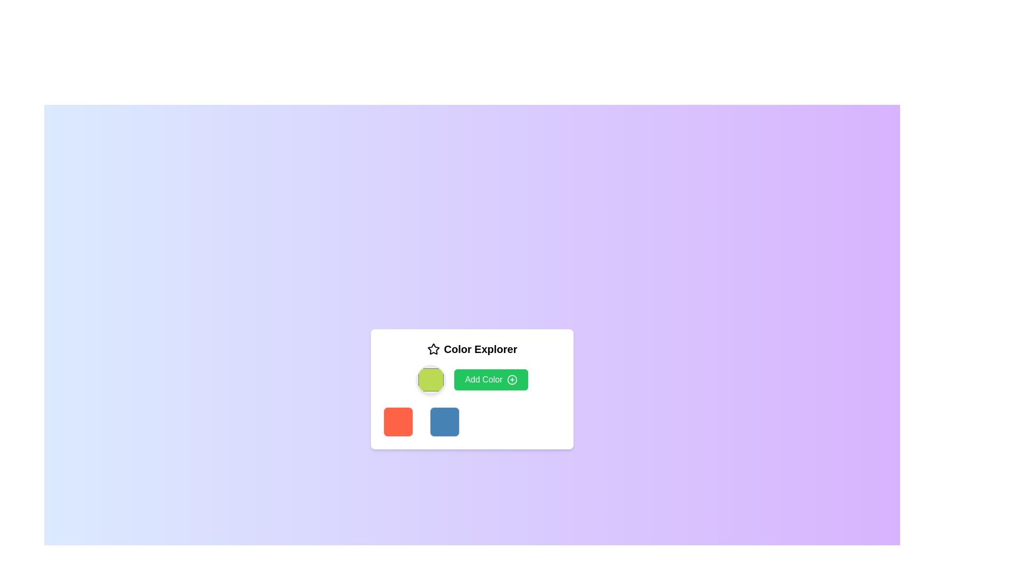  What do you see at coordinates (433, 349) in the screenshot?
I see `the star-shaped SVG icon located prominently in the 'Color Explorer' card` at bounding box center [433, 349].